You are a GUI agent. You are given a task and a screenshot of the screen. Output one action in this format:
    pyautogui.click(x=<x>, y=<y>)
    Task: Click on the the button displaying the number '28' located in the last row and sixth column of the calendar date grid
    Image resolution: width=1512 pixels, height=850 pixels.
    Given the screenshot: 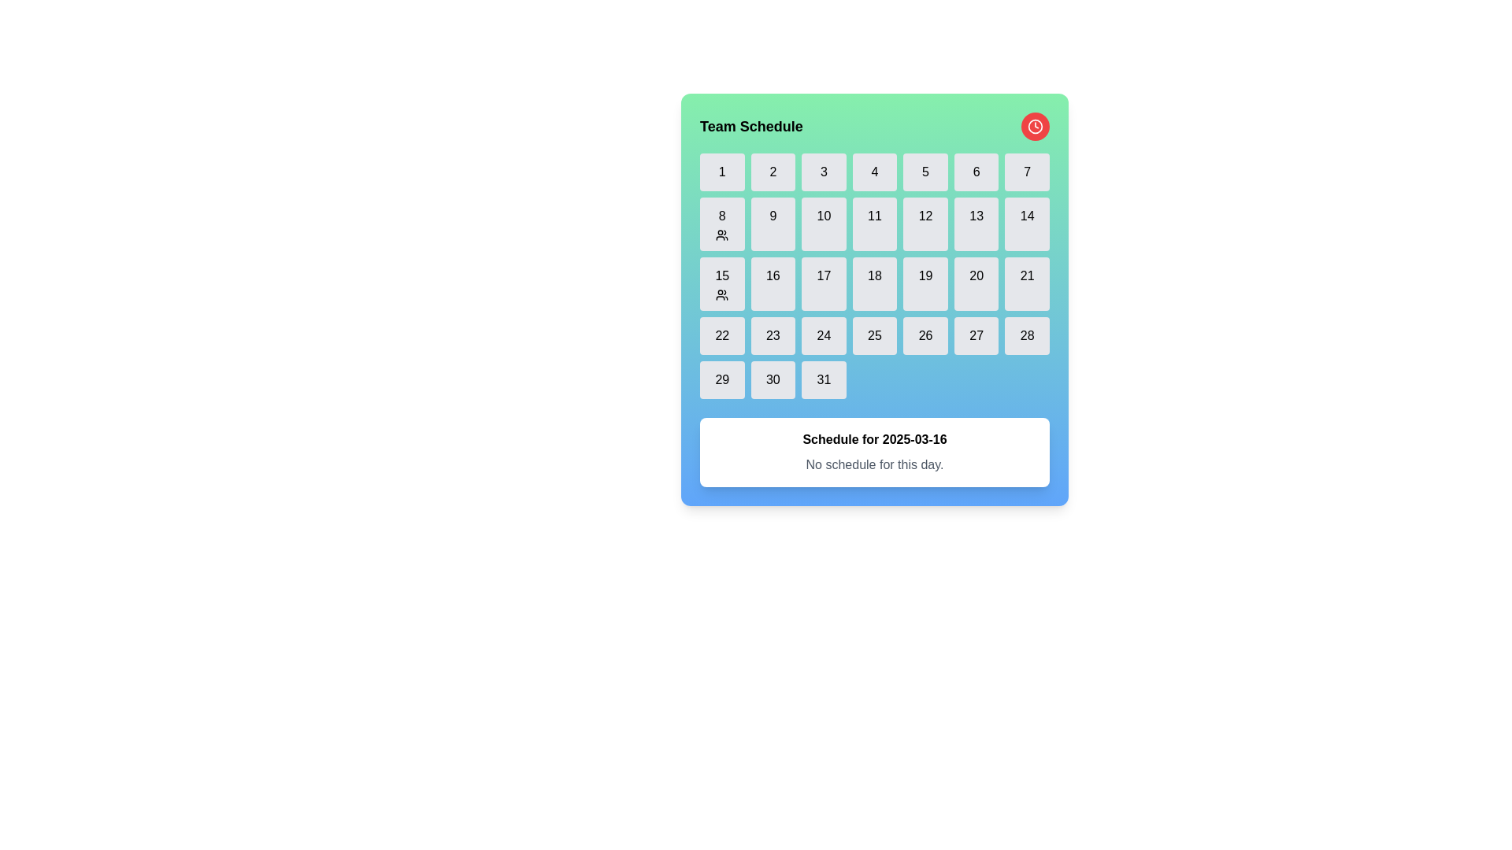 What is the action you would take?
    pyautogui.click(x=1027, y=335)
    